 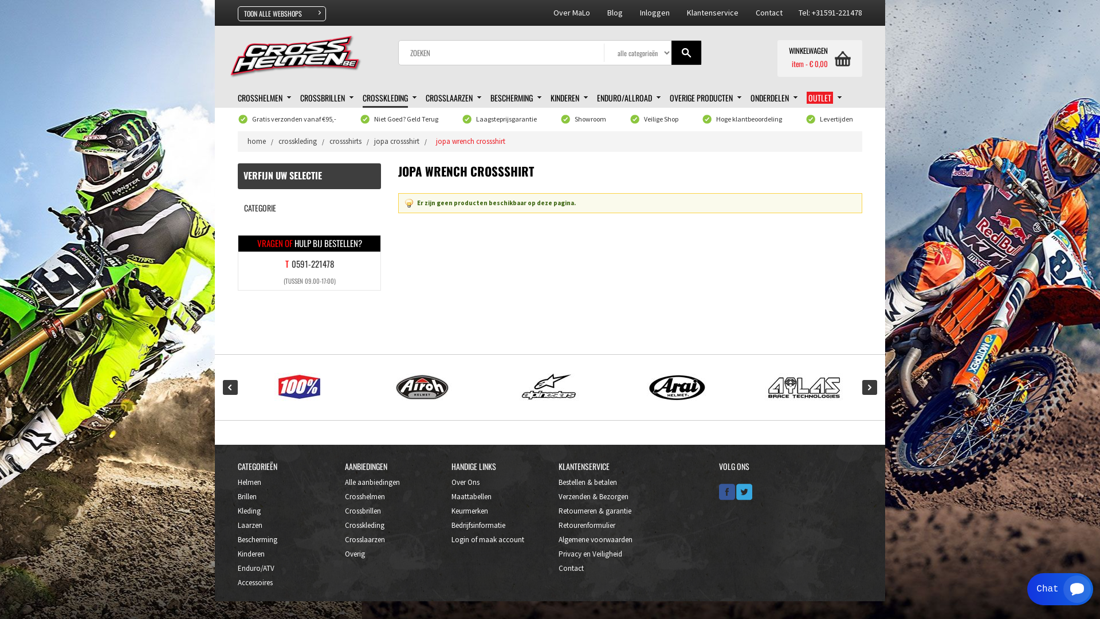 I want to click on 'Niet Goed? Geld Terug', so click(x=374, y=119).